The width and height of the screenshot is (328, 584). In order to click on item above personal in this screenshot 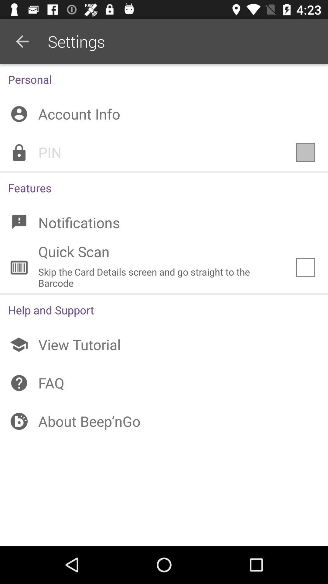, I will do `click(22, 41)`.